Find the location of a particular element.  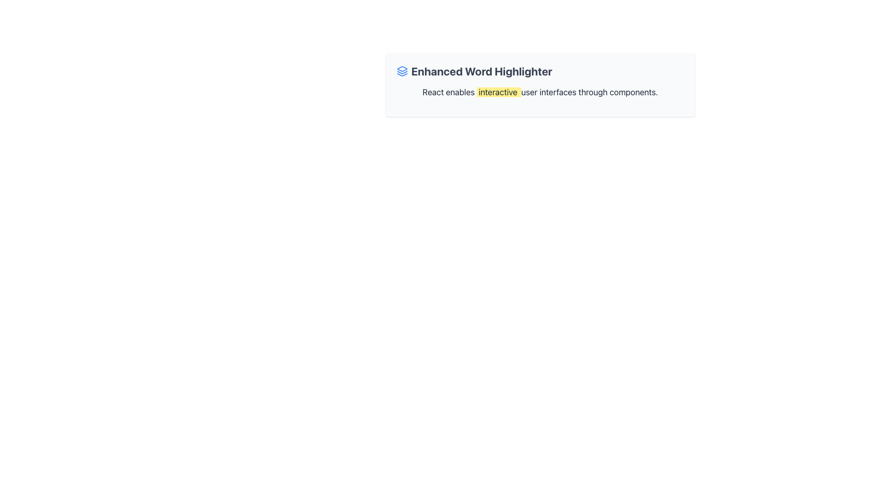

the text label that serves as a keyword for 'React' is located at coordinates (434, 92).